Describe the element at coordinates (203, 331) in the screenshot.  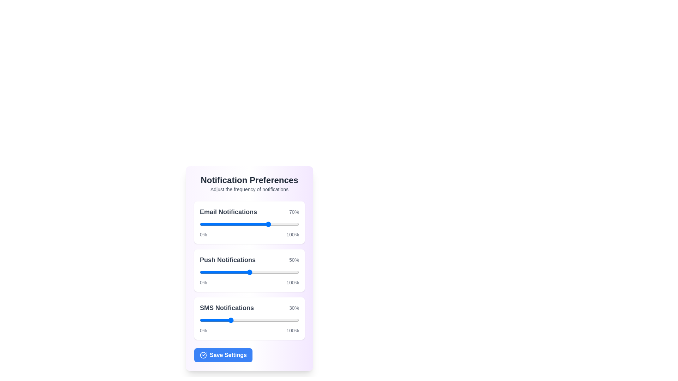
I see `the leftmost label displaying '0%' under the slider for 'SMS Notifications', which indicates the minimum value of the percentage range` at that location.